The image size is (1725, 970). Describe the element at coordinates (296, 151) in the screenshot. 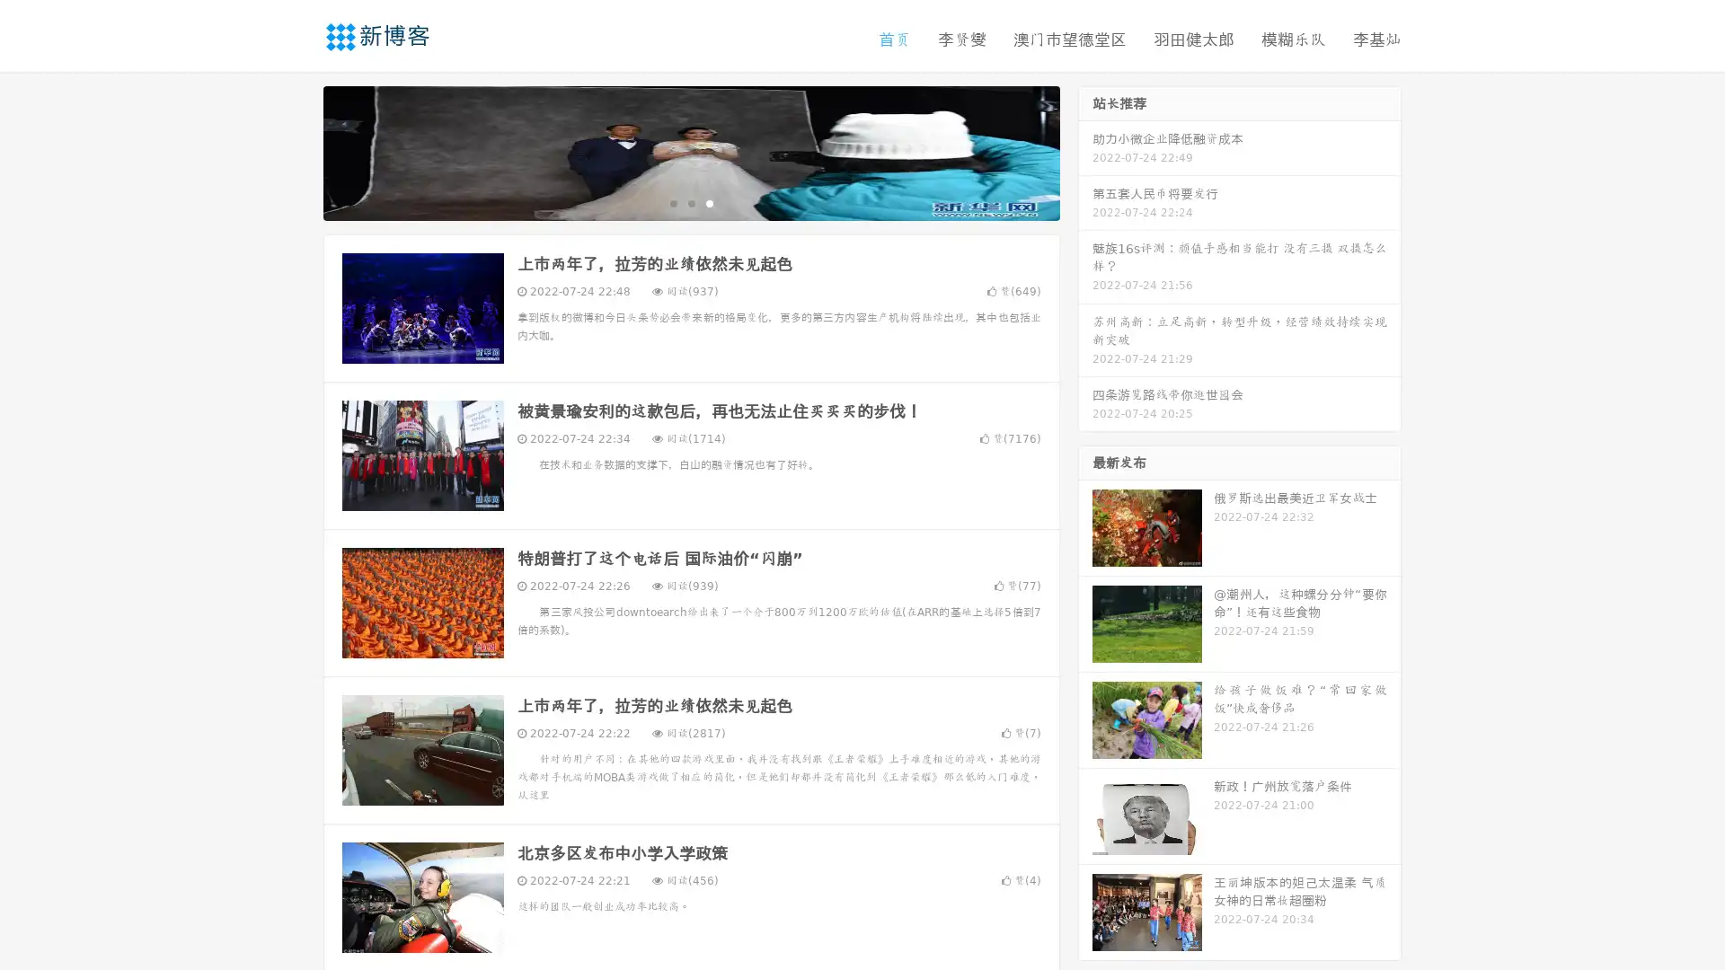

I see `Previous slide` at that location.